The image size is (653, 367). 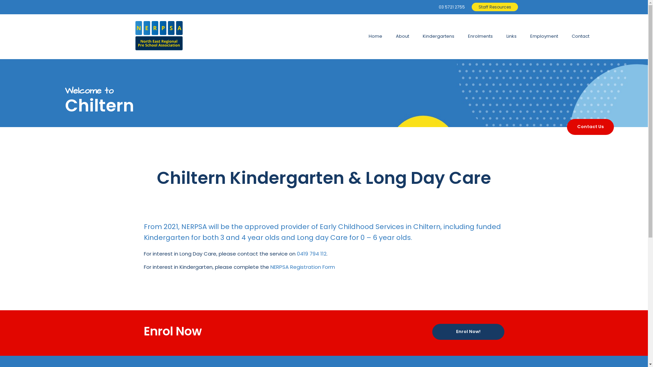 I want to click on 'NERPSA Registration Form', so click(x=269, y=266).